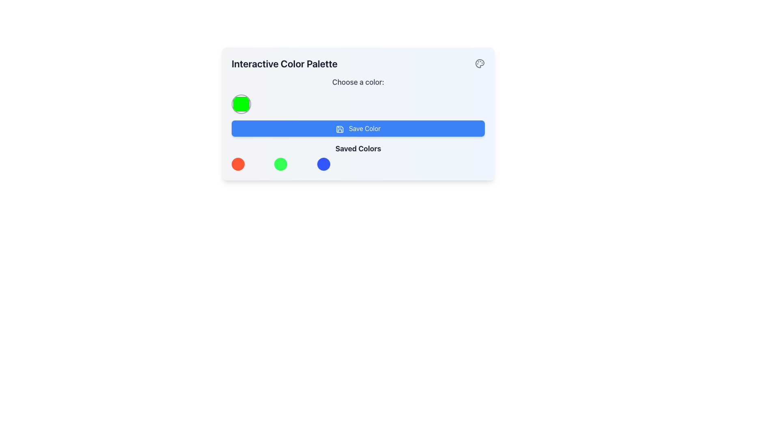 This screenshot has width=779, height=438. I want to click on the visual enhancement icon for the 'Save Color' button, so click(340, 129).